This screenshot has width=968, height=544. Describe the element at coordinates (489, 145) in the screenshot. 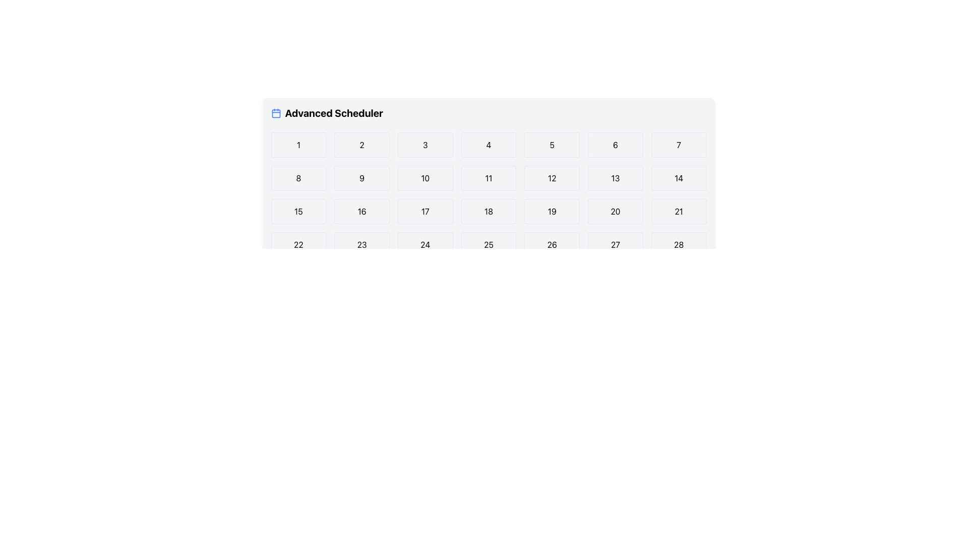

I see `the button displaying the number '4', which is located in the first row and fourth column of the grid layout` at that location.